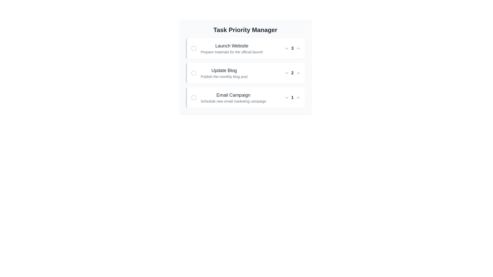 The height and width of the screenshot is (277, 493). I want to click on the Text Label that serves as the title for the associated task, which is centered horizontally within the 'Update Blog' task card and is positioned above the text 'Publish the monthly blog post', so click(224, 70).